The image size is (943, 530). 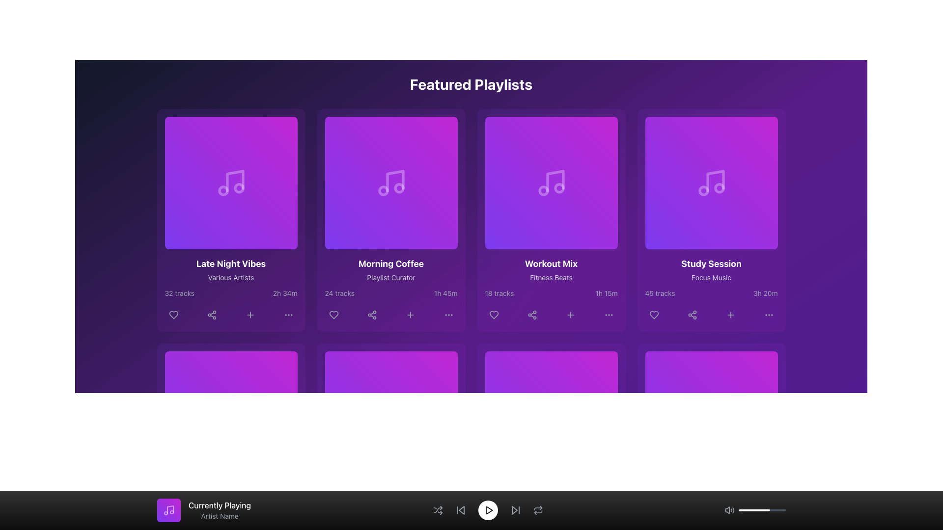 What do you see at coordinates (551, 183) in the screenshot?
I see `details of the Interactive Element with Play Button, which is a square-shaped area with rounded corners containing a music note icon, located in the second row, third column of the 'Featured Playlists' section` at bounding box center [551, 183].